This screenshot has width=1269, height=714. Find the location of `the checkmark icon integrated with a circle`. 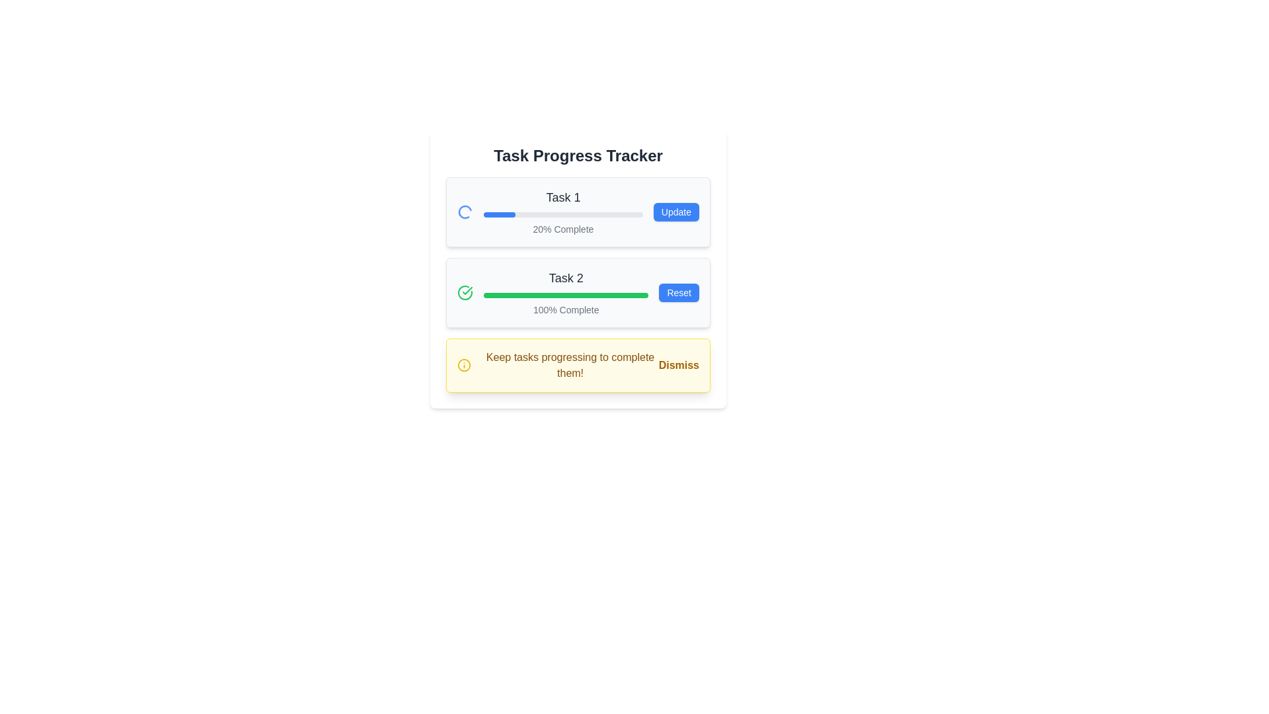

the checkmark icon integrated with a circle is located at coordinates (467, 290).